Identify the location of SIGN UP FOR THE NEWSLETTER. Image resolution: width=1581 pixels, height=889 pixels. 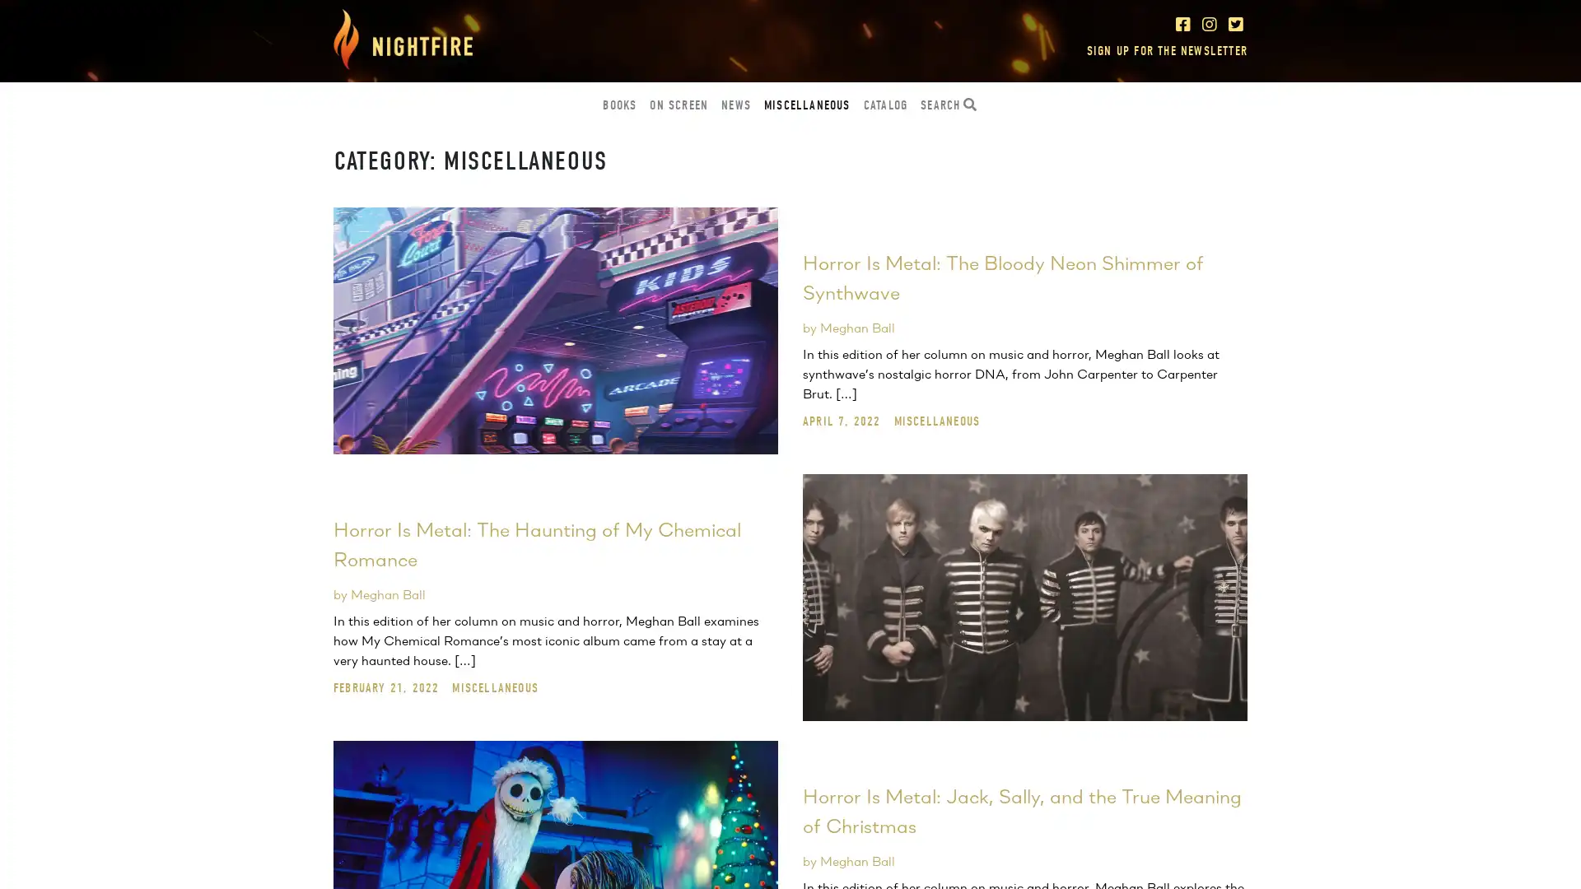
(1165, 49).